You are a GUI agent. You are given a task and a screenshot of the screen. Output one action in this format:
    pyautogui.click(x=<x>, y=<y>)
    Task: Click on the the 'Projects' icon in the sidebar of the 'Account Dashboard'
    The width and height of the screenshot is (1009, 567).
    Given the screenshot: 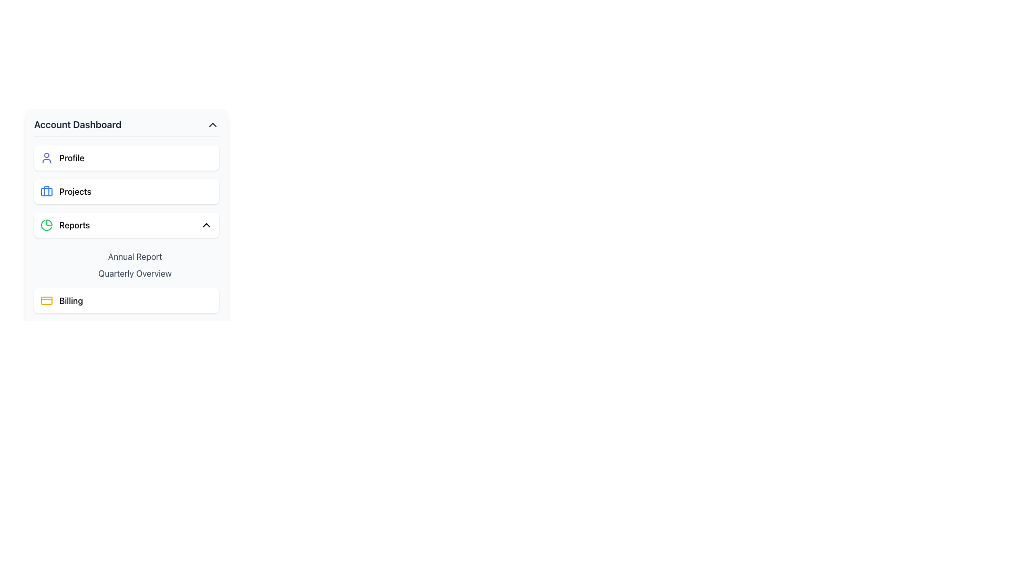 What is the action you would take?
    pyautogui.click(x=46, y=192)
    